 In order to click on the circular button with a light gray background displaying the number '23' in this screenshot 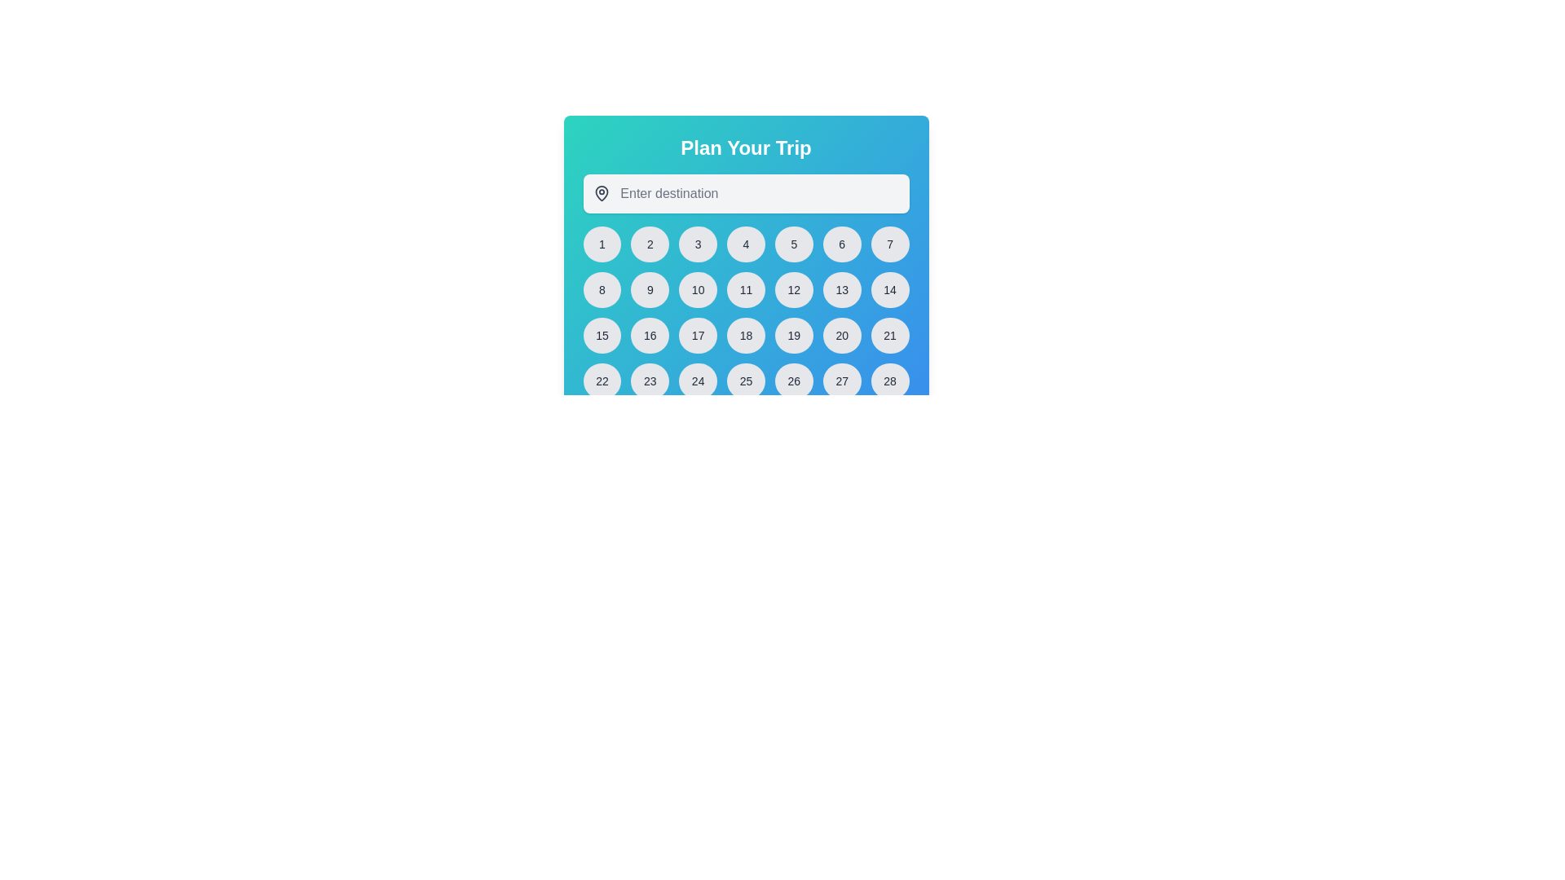, I will do `click(649, 381)`.